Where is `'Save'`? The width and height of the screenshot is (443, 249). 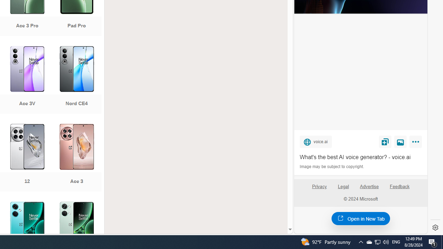
'Save' is located at coordinates (385, 141).